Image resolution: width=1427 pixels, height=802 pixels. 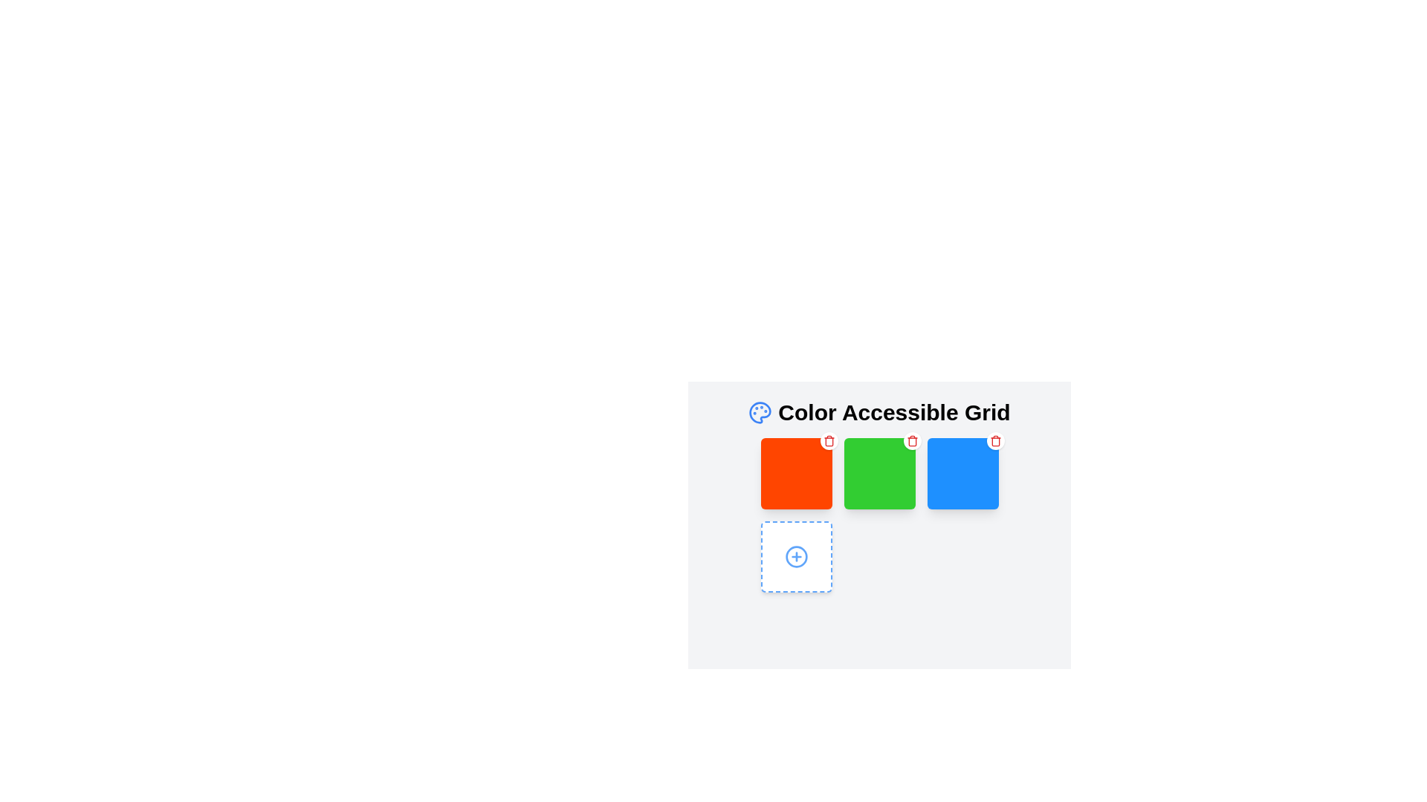 I want to click on the 'Add' or 'Create' icon button located in the fourth cell of the grid, so click(x=795, y=556).